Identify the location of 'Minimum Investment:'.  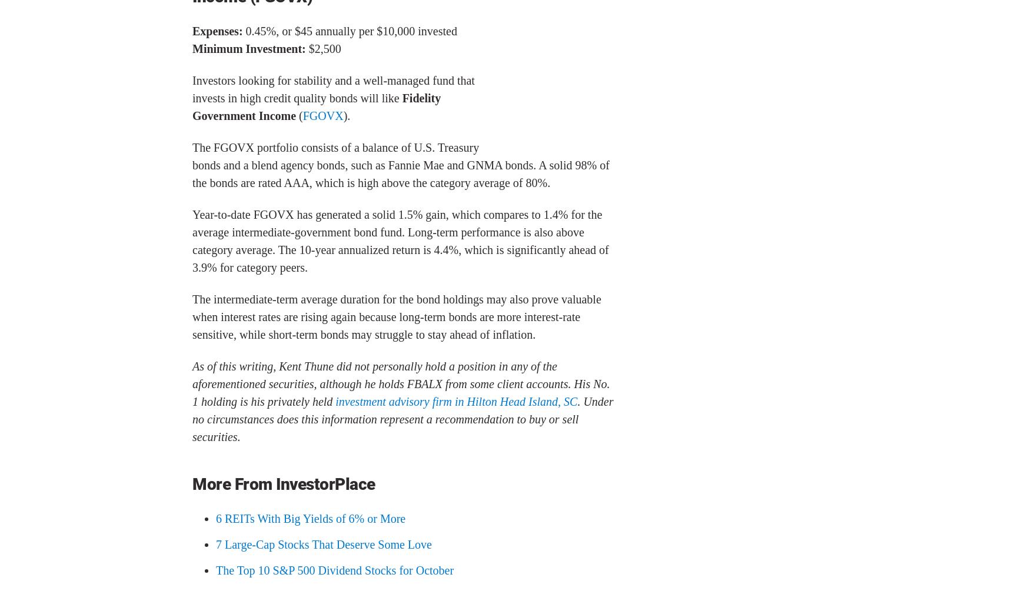
(250, 47).